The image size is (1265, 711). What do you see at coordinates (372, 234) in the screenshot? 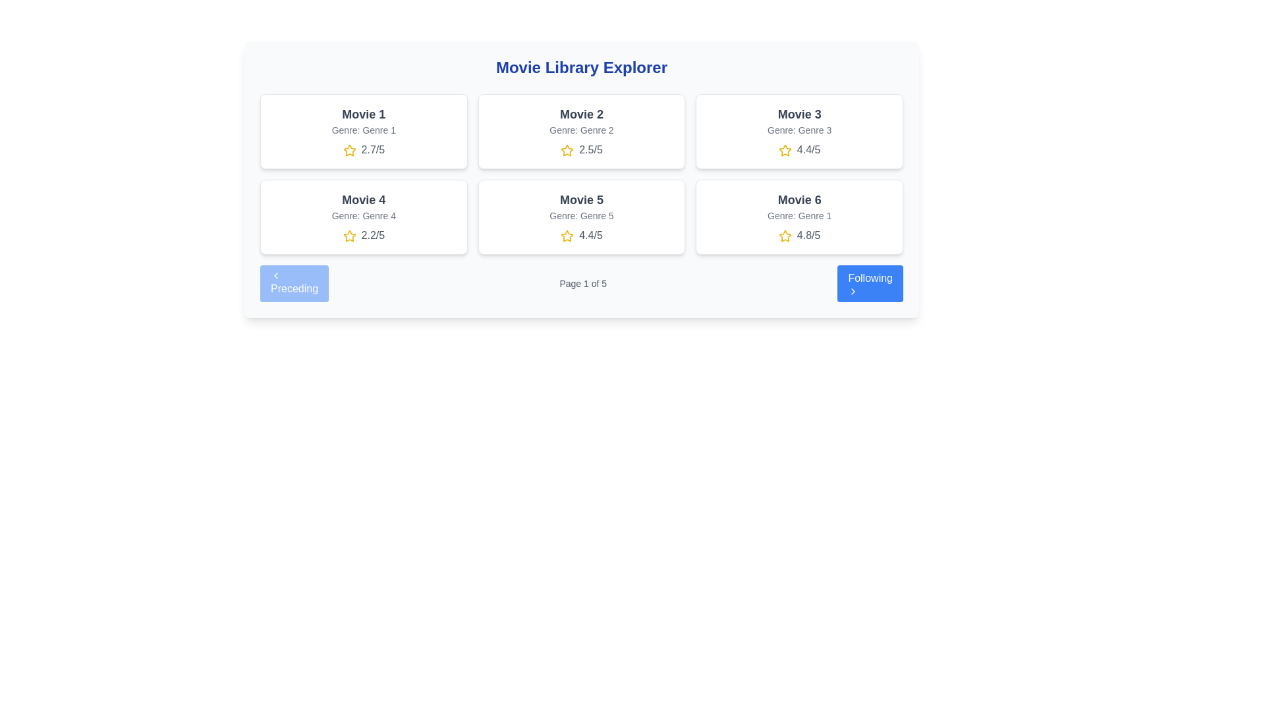
I see `the static text that represents the rating value for 'Movie 4', located in the bottom-left card of the grid layout, adjacent to a yellow star icon` at bounding box center [372, 234].